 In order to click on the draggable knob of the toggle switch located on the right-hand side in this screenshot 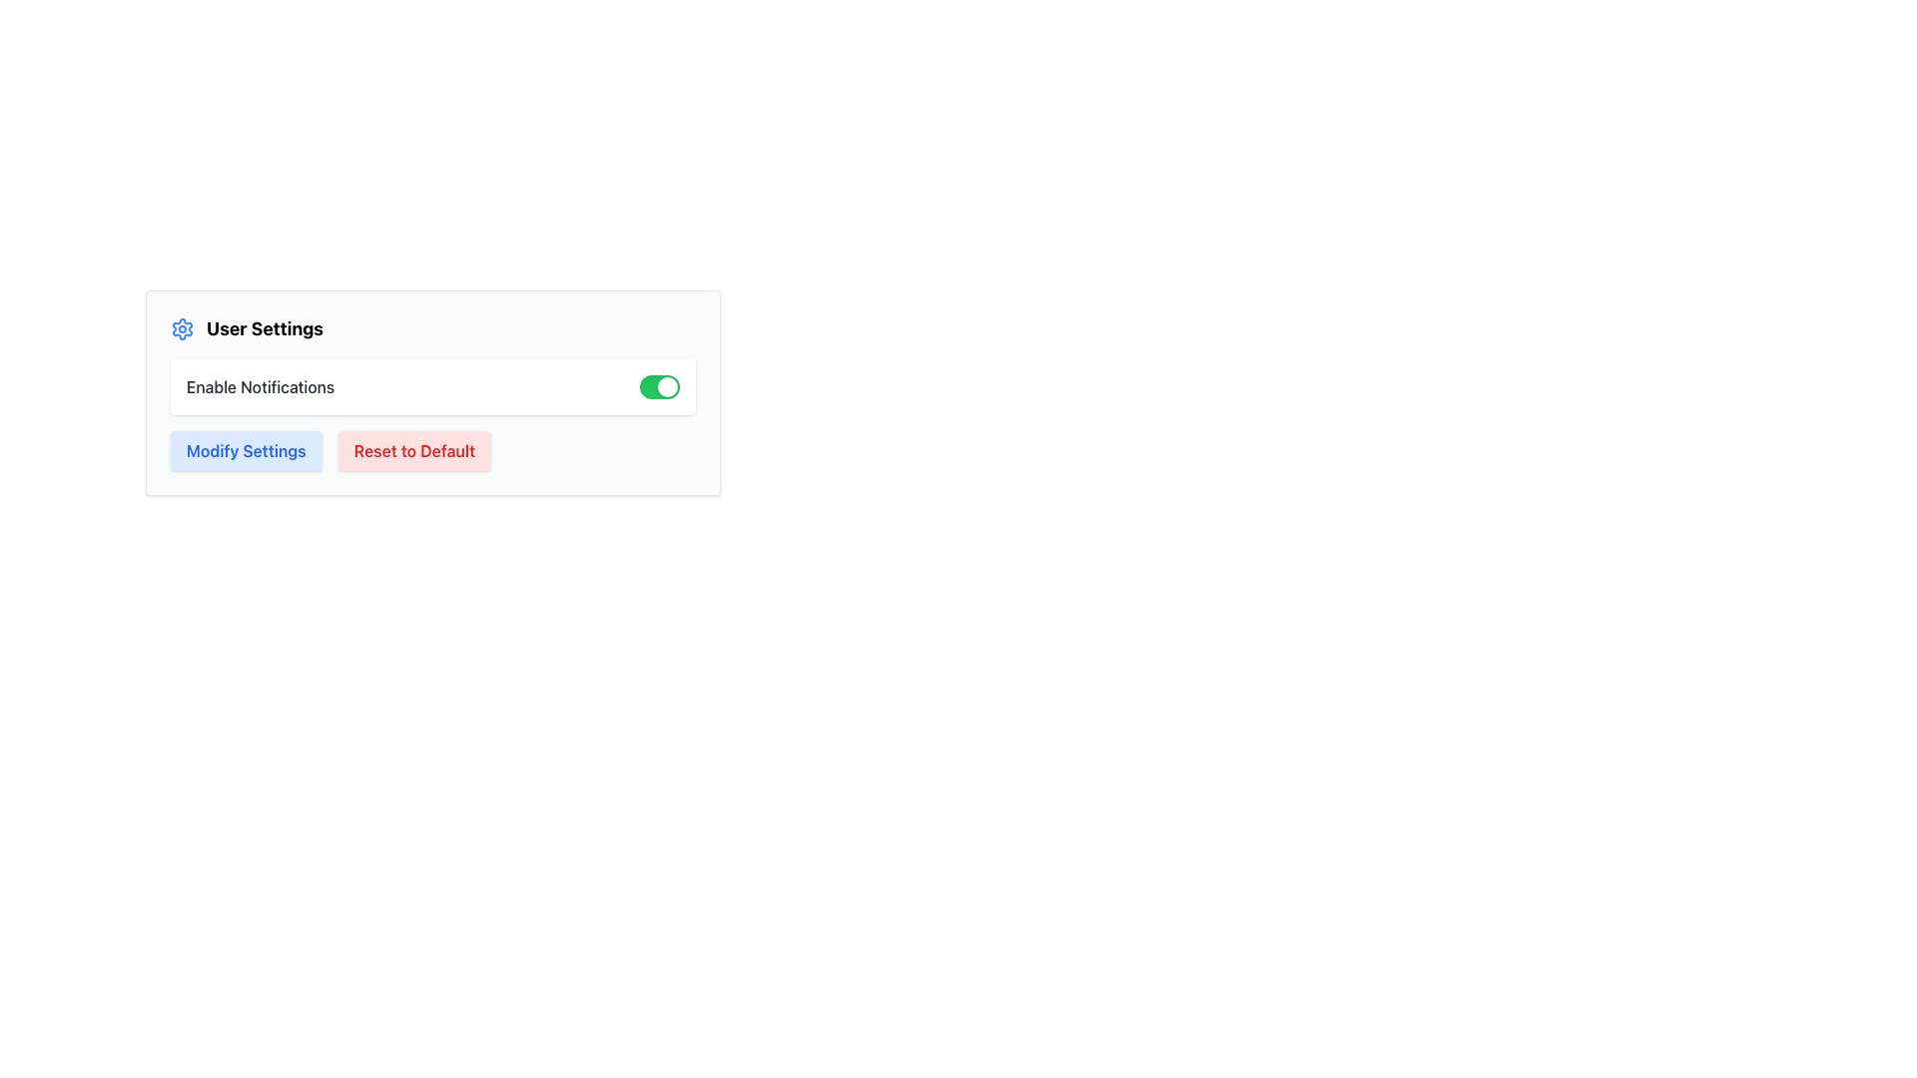, I will do `click(667, 387)`.